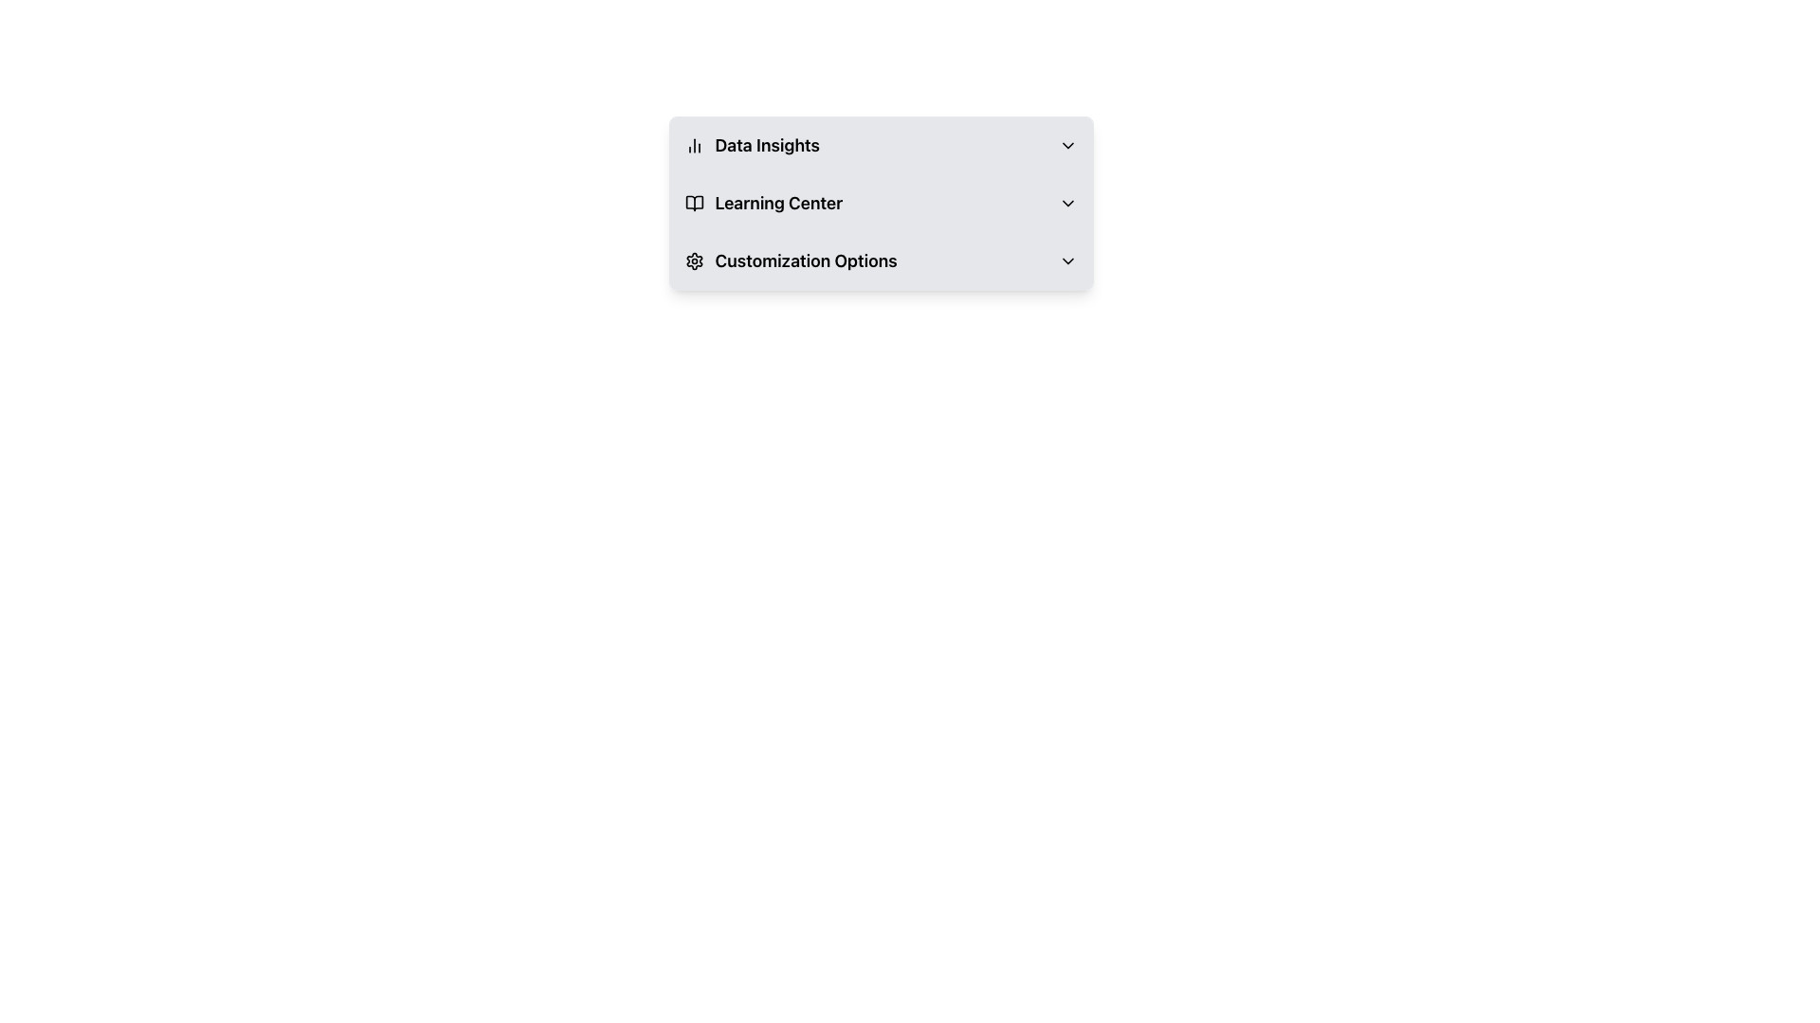 The width and height of the screenshot is (1820, 1023). What do you see at coordinates (1067, 204) in the screenshot?
I see `the Chevron Icon located on the right side of the 'Learning Center' section` at bounding box center [1067, 204].